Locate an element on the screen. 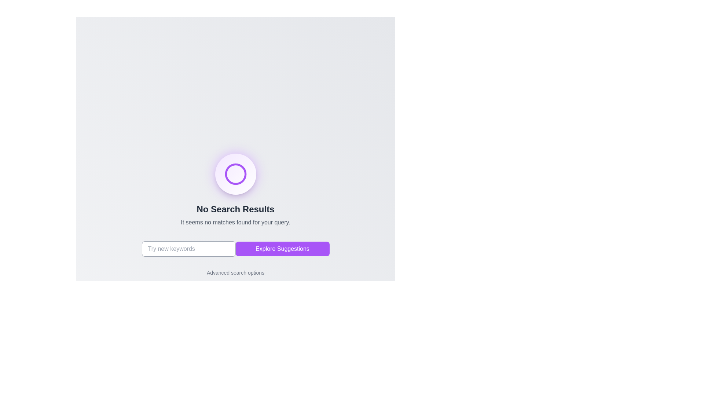 This screenshot has width=704, height=396. the bottom-centered text link that allows users is located at coordinates (235, 272).